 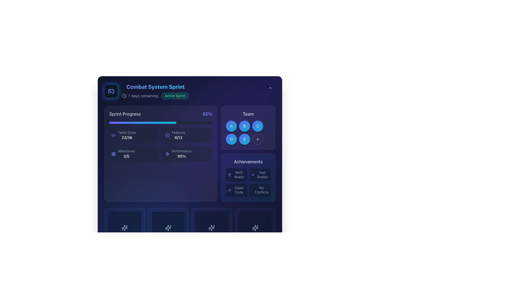 What do you see at coordinates (211, 228) in the screenshot?
I see `the decorative star-like graphical icon located in the second column of the bottom row in the grid layout` at bounding box center [211, 228].